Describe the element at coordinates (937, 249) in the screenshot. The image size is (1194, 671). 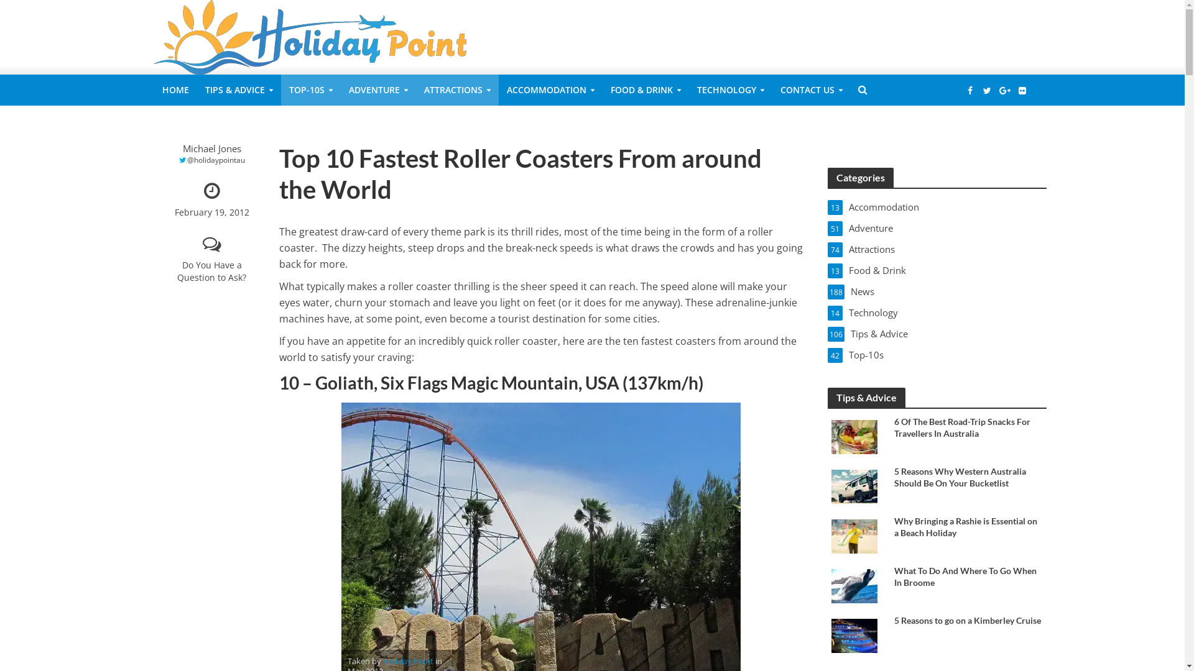
I see `'Attractions` at that location.